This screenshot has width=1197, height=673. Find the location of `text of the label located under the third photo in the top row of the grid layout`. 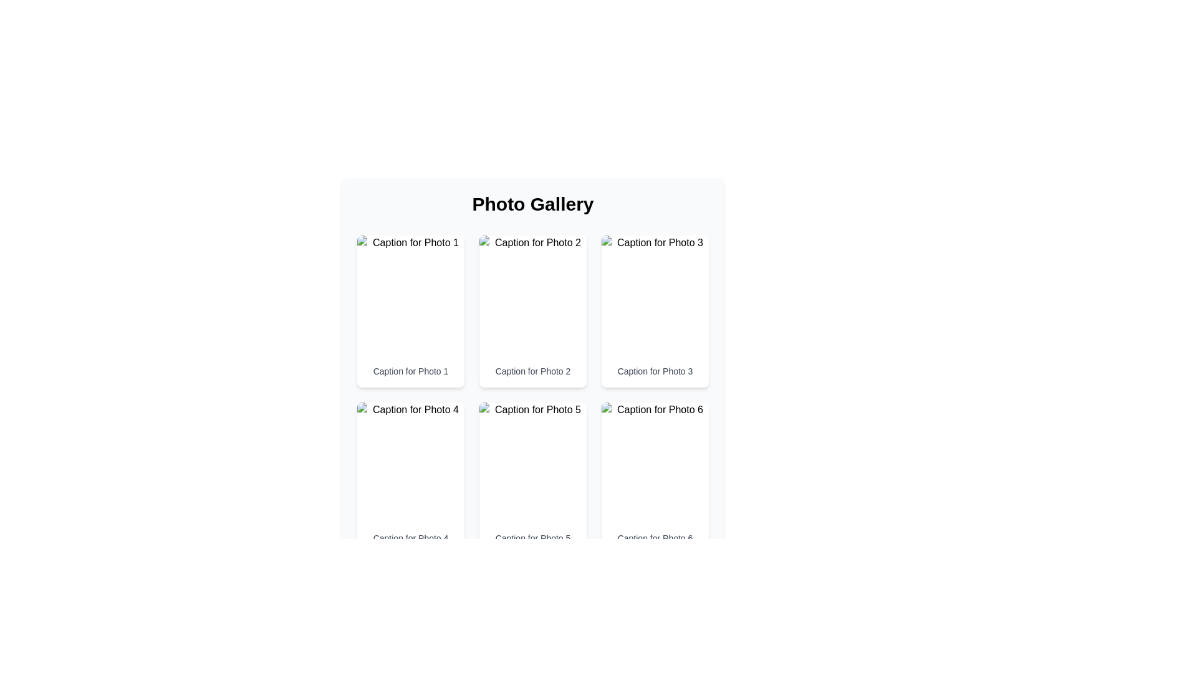

text of the label located under the third photo in the top row of the grid layout is located at coordinates (655, 371).